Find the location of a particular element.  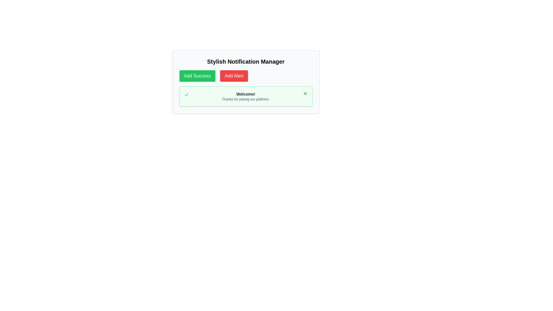

the welcome message text block located in the green-tinted notification box, which is positioned centrally between a green checkmark icon and a close button is located at coordinates (246, 96).